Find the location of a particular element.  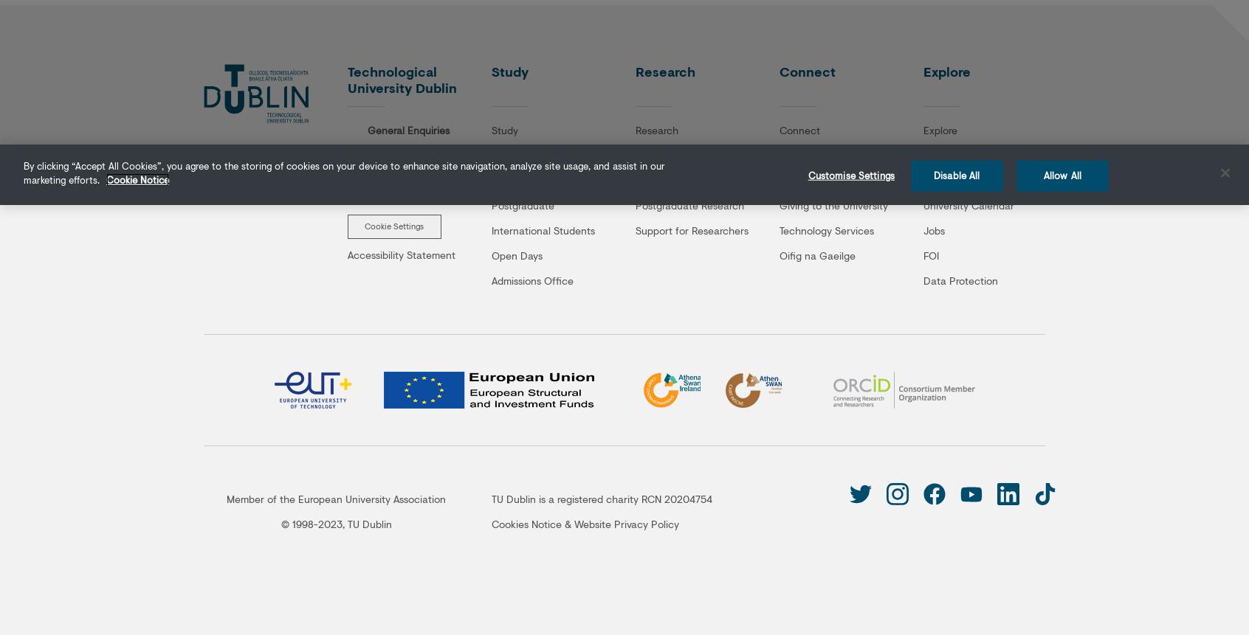

'+353 1 220 5000' is located at coordinates (368, 146).